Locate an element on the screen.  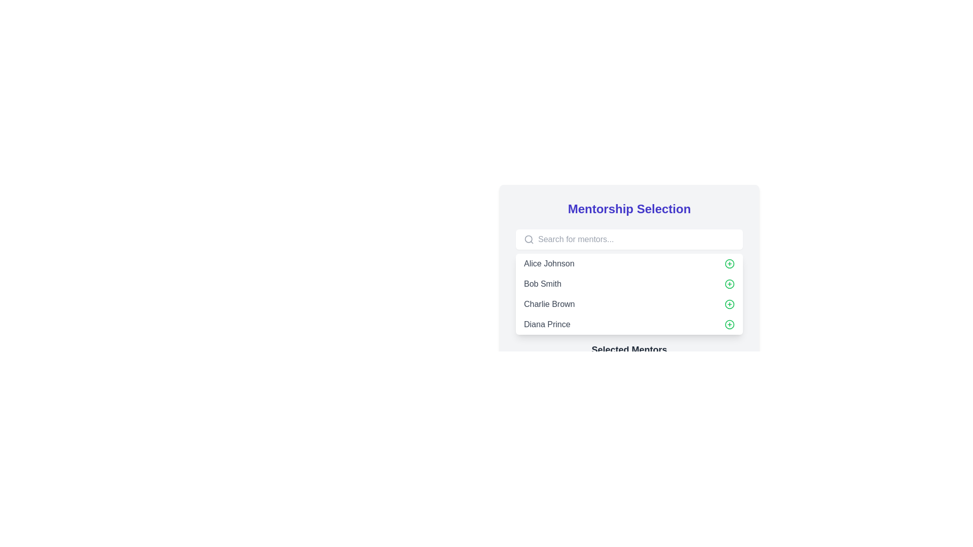
the circular button with a green outline and a green plus sign next to 'Diana Prince' is located at coordinates (730, 284).